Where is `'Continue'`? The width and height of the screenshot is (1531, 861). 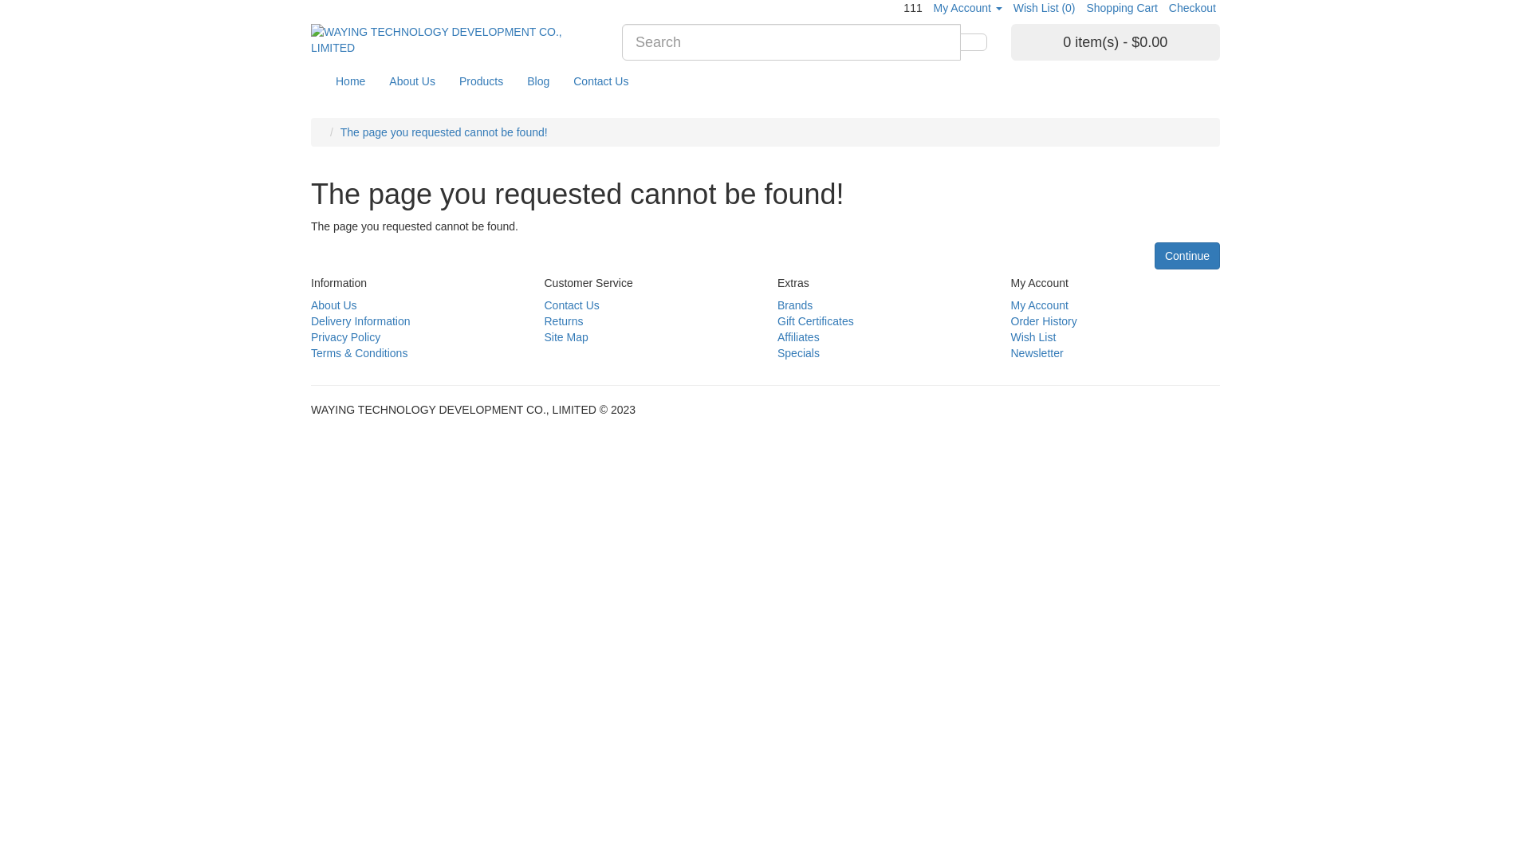 'Continue' is located at coordinates (1155, 254).